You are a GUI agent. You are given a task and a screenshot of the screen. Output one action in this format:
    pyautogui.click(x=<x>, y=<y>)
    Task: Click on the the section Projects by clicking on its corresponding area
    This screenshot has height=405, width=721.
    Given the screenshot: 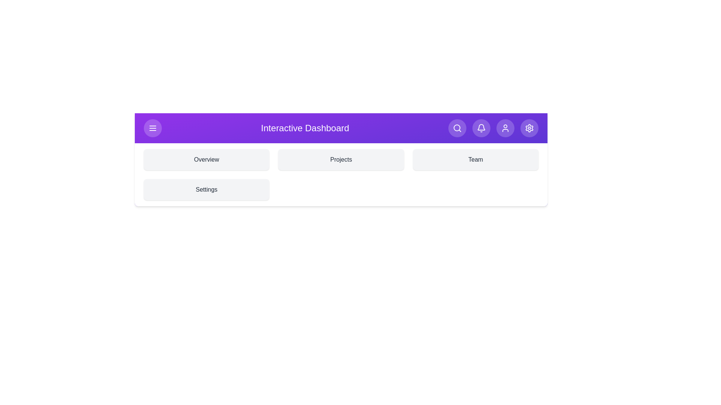 What is the action you would take?
    pyautogui.click(x=340, y=159)
    